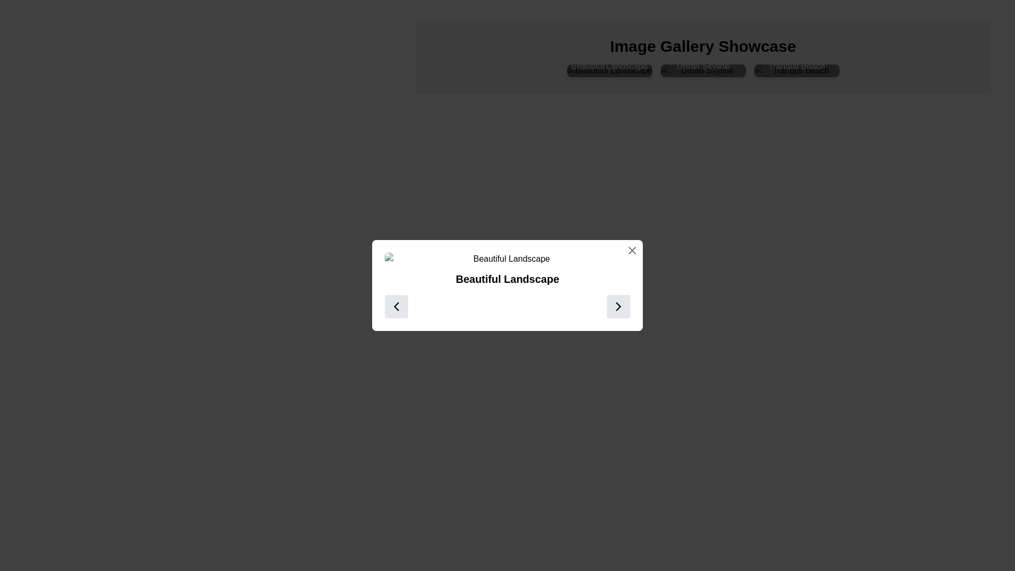 The image size is (1015, 571). Describe the element at coordinates (508, 285) in the screenshot. I see `the text label titled 'Beautiful Landscape' that is centrally positioned inside the modal dialog, located directly below the header and above navigation buttons` at that location.